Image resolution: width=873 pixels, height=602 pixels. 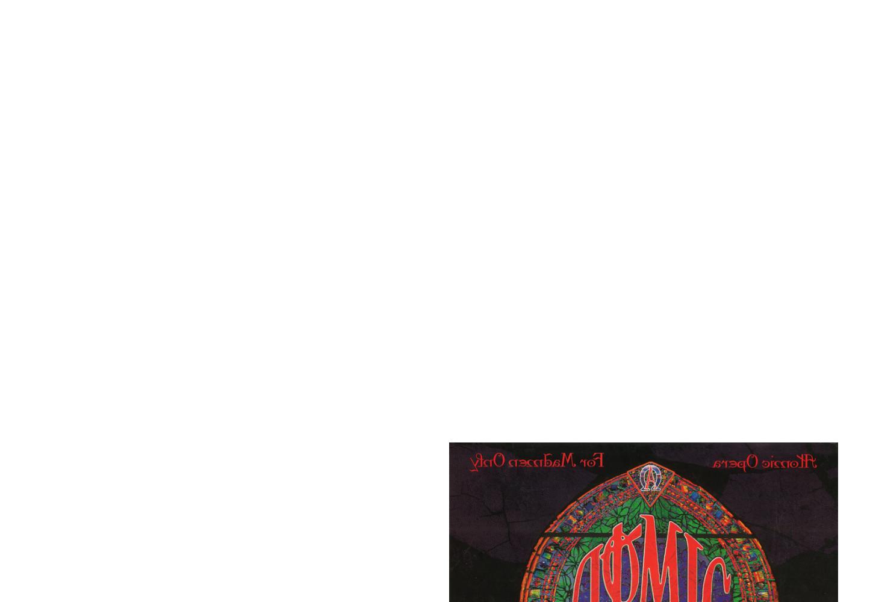 What do you see at coordinates (160, 532) in the screenshot?
I see `'Joyride'` at bounding box center [160, 532].